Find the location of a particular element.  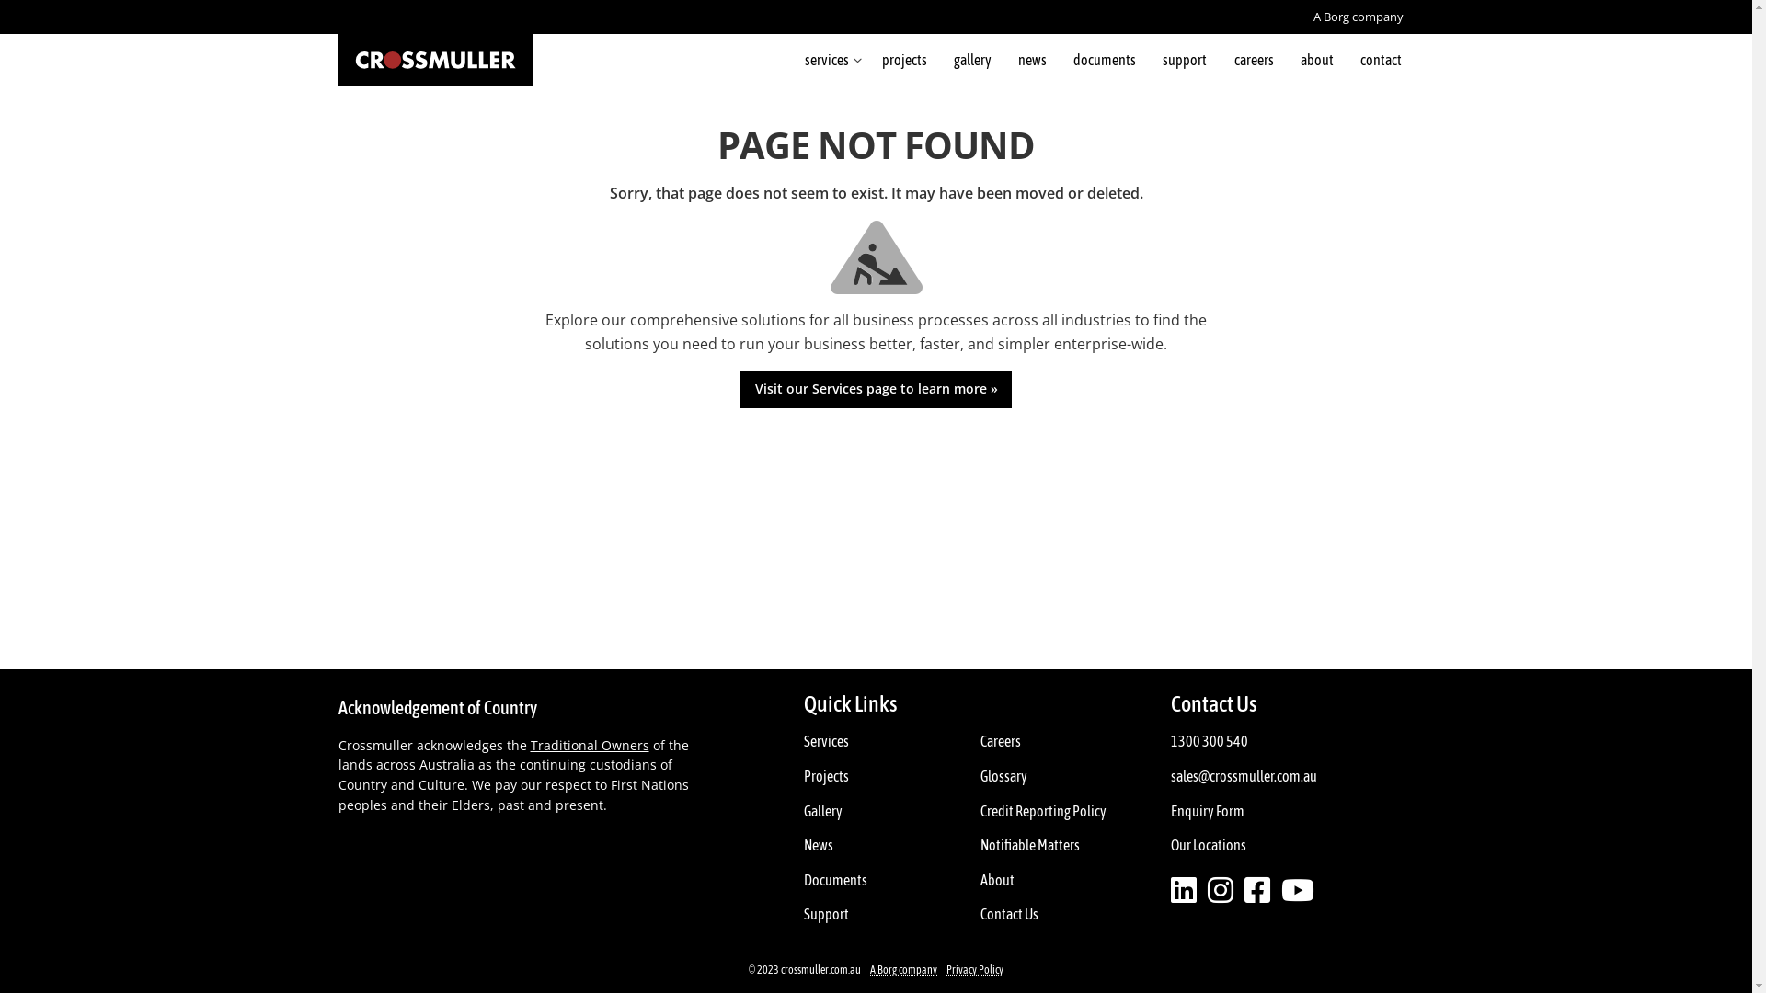

'projects' is located at coordinates (904, 59).